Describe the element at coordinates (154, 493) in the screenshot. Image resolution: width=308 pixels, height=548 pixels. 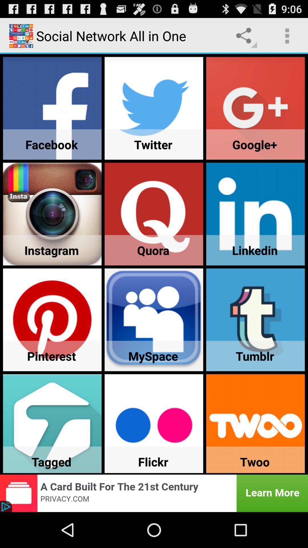
I see `visit advertisement page` at that location.